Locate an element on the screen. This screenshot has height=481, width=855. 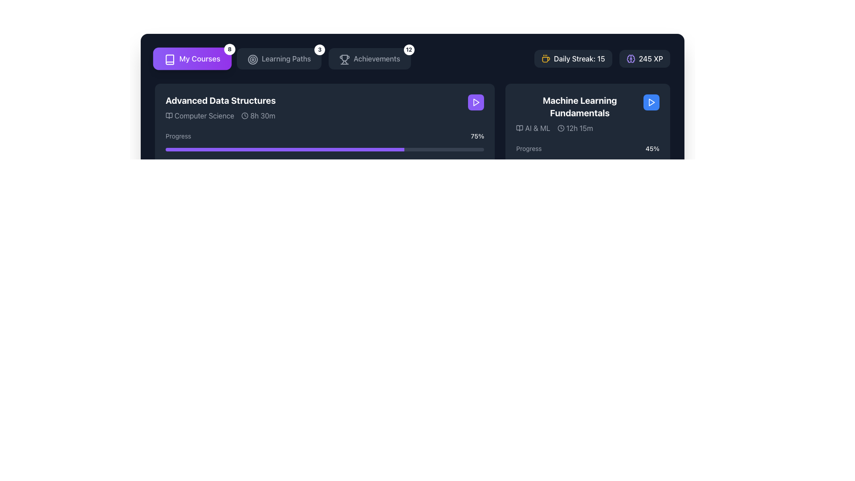
the course title text label located at the top of the course card, which indicates the topic of the course is located at coordinates (220, 100).